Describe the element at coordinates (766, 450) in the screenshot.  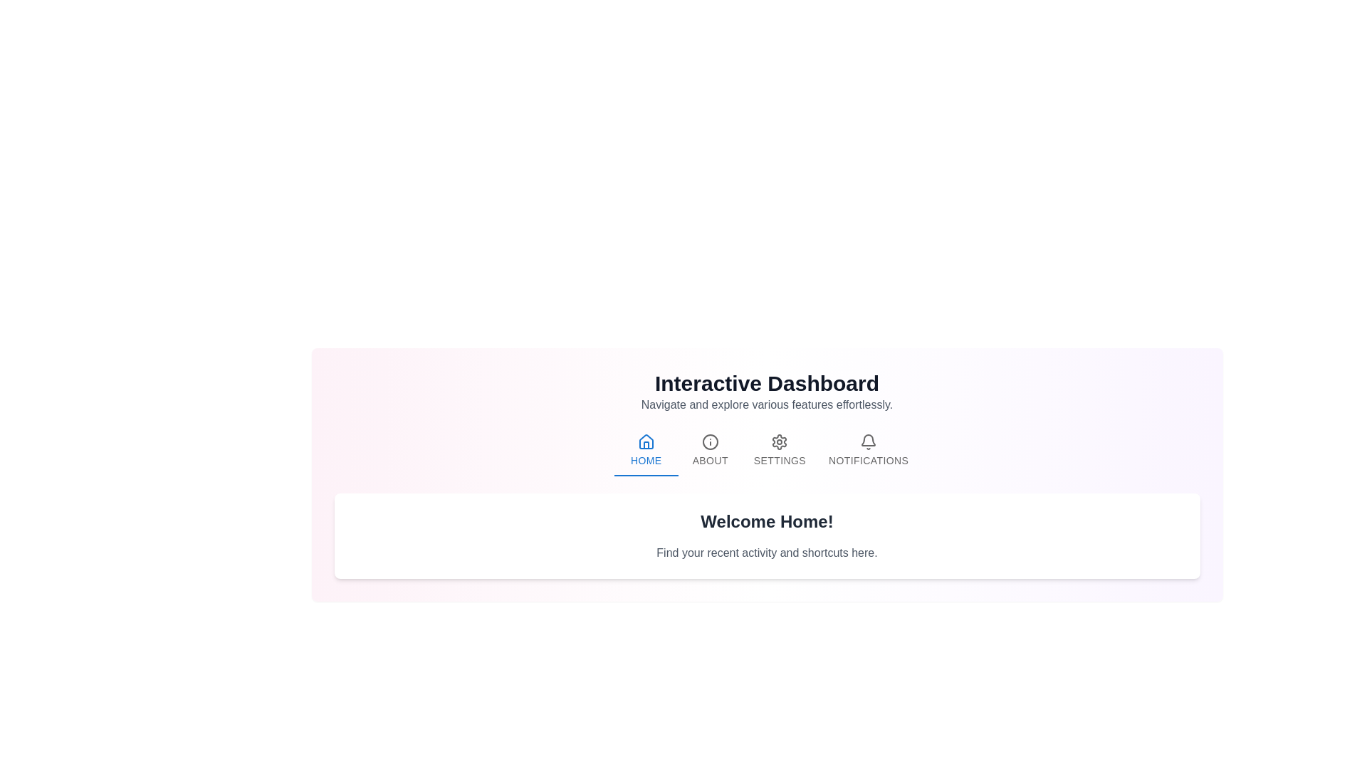
I see `the Horizontal Navigation Tab Bar` at that location.